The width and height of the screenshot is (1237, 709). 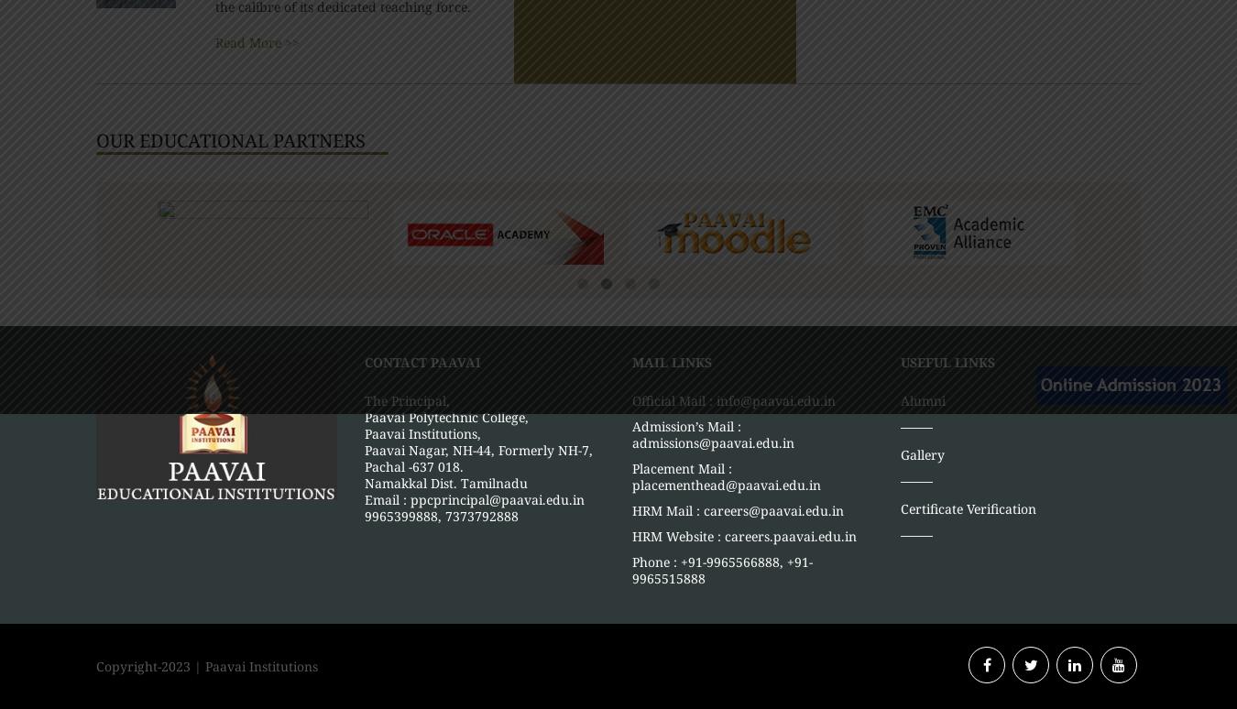 I want to click on 'Pachal -637 018.', so click(x=412, y=464).